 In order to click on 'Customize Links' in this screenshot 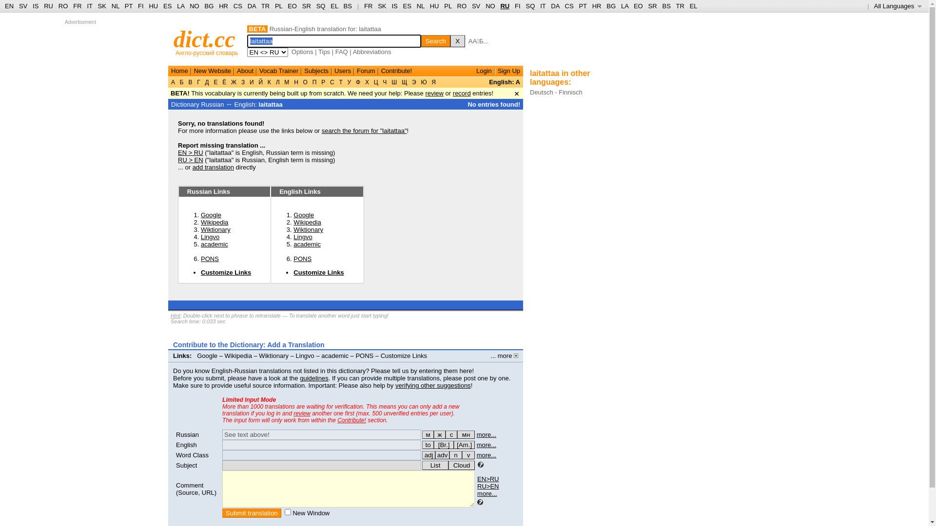, I will do `click(404, 356)`.